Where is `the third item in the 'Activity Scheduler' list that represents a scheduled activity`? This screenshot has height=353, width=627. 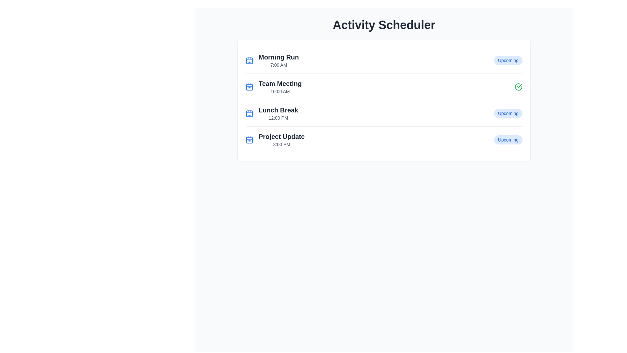 the third item in the 'Activity Scheduler' list that represents a scheduled activity is located at coordinates (384, 113).